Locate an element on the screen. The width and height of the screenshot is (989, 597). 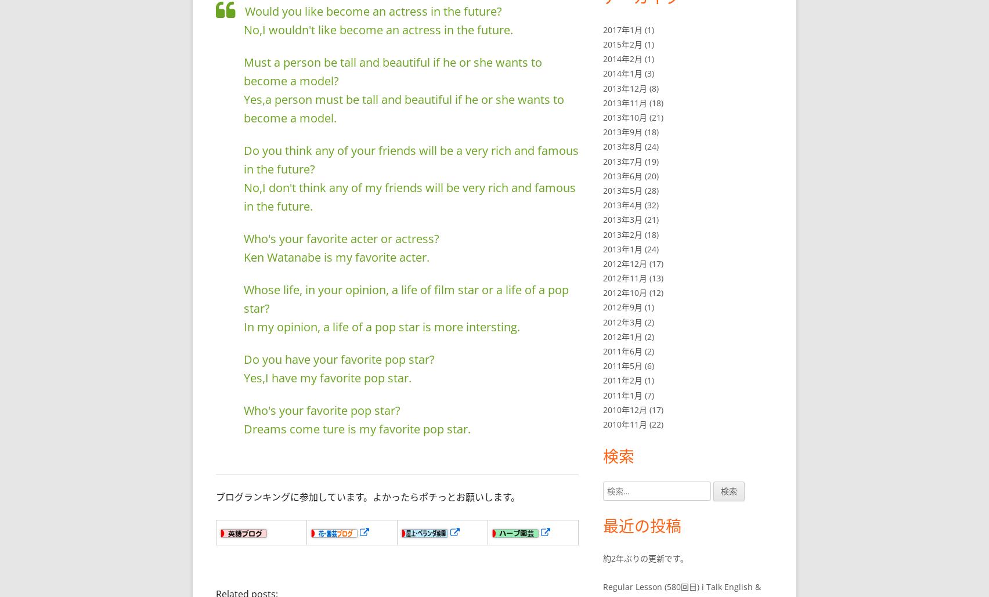
'(28)' is located at coordinates (650, 190).